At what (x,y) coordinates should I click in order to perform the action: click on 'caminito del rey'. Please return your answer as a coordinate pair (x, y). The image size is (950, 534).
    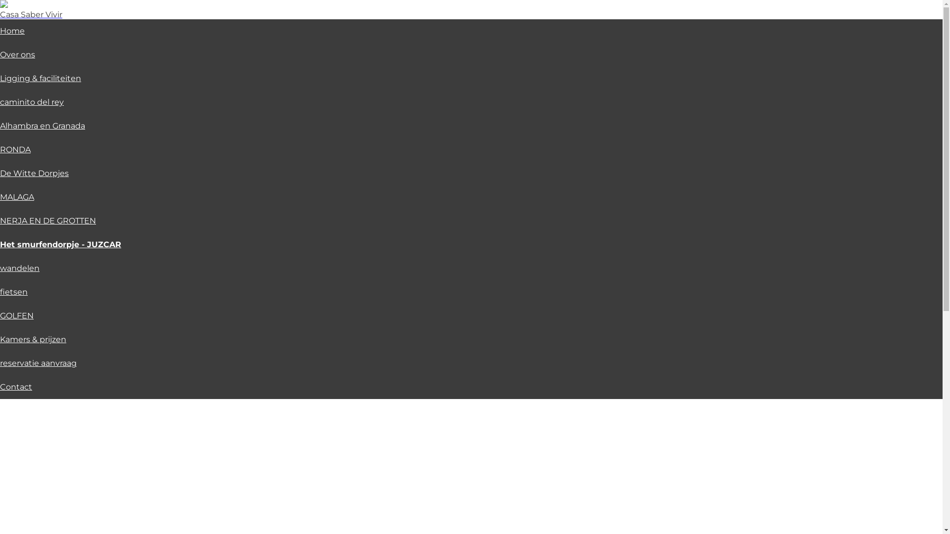
    Looking at the image, I should click on (32, 102).